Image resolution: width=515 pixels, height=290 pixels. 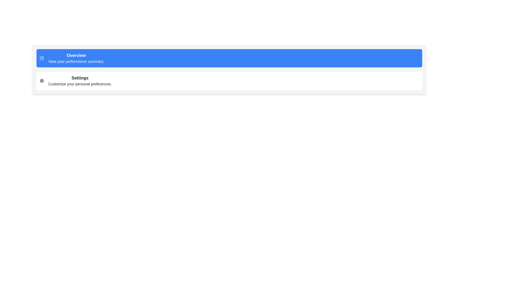 What do you see at coordinates (42, 58) in the screenshot?
I see `the decorative icon representing the overview section, which is located to the left of the text content titled 'Overview' and the subtitle 'View your performance summary.'` at bounding box center [42, 58].